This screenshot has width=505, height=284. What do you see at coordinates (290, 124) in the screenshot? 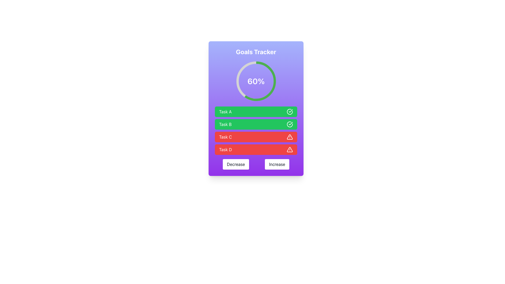
I see `the checkmark icon, which is part of the green circle enclosing a white checkmark, located in the green rectangular section labeled 'Task A'` at bounding box center [290, 124].